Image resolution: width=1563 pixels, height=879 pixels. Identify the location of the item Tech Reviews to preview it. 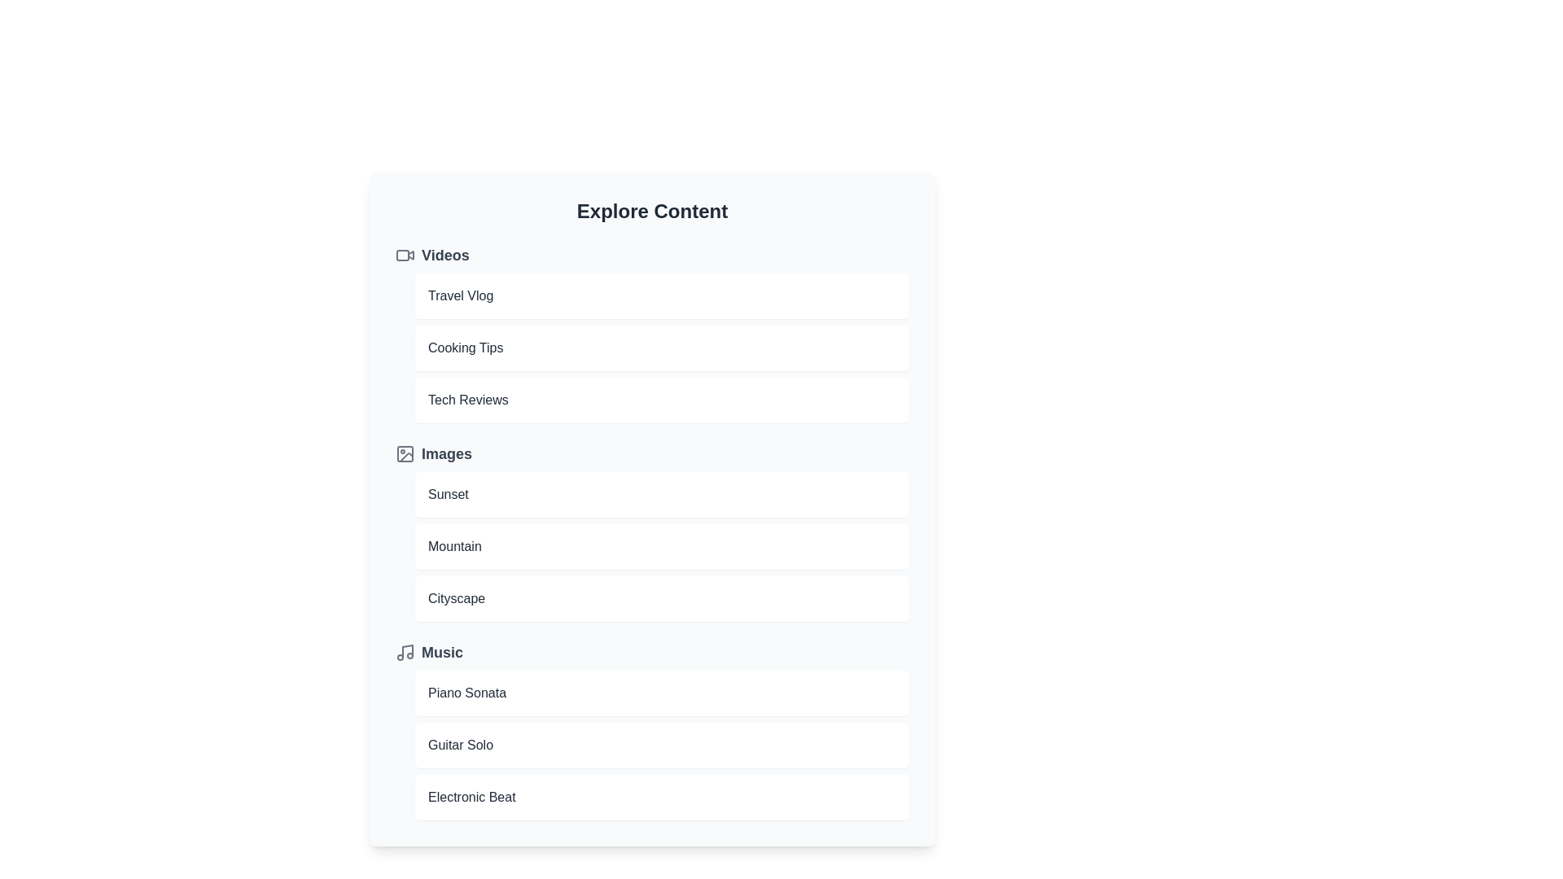
(662, 400).